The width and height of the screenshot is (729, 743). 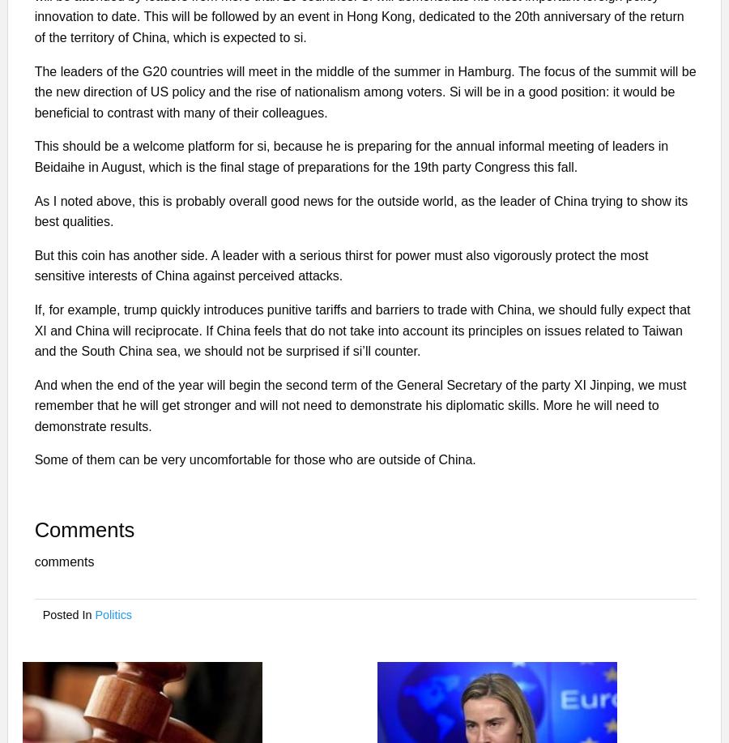 What do you see at coordinates (254, 459) in the screenshot?
I see `'Some of them can be very uncomfortable for those who are outside of China.'` at bounding box center [254, 459].